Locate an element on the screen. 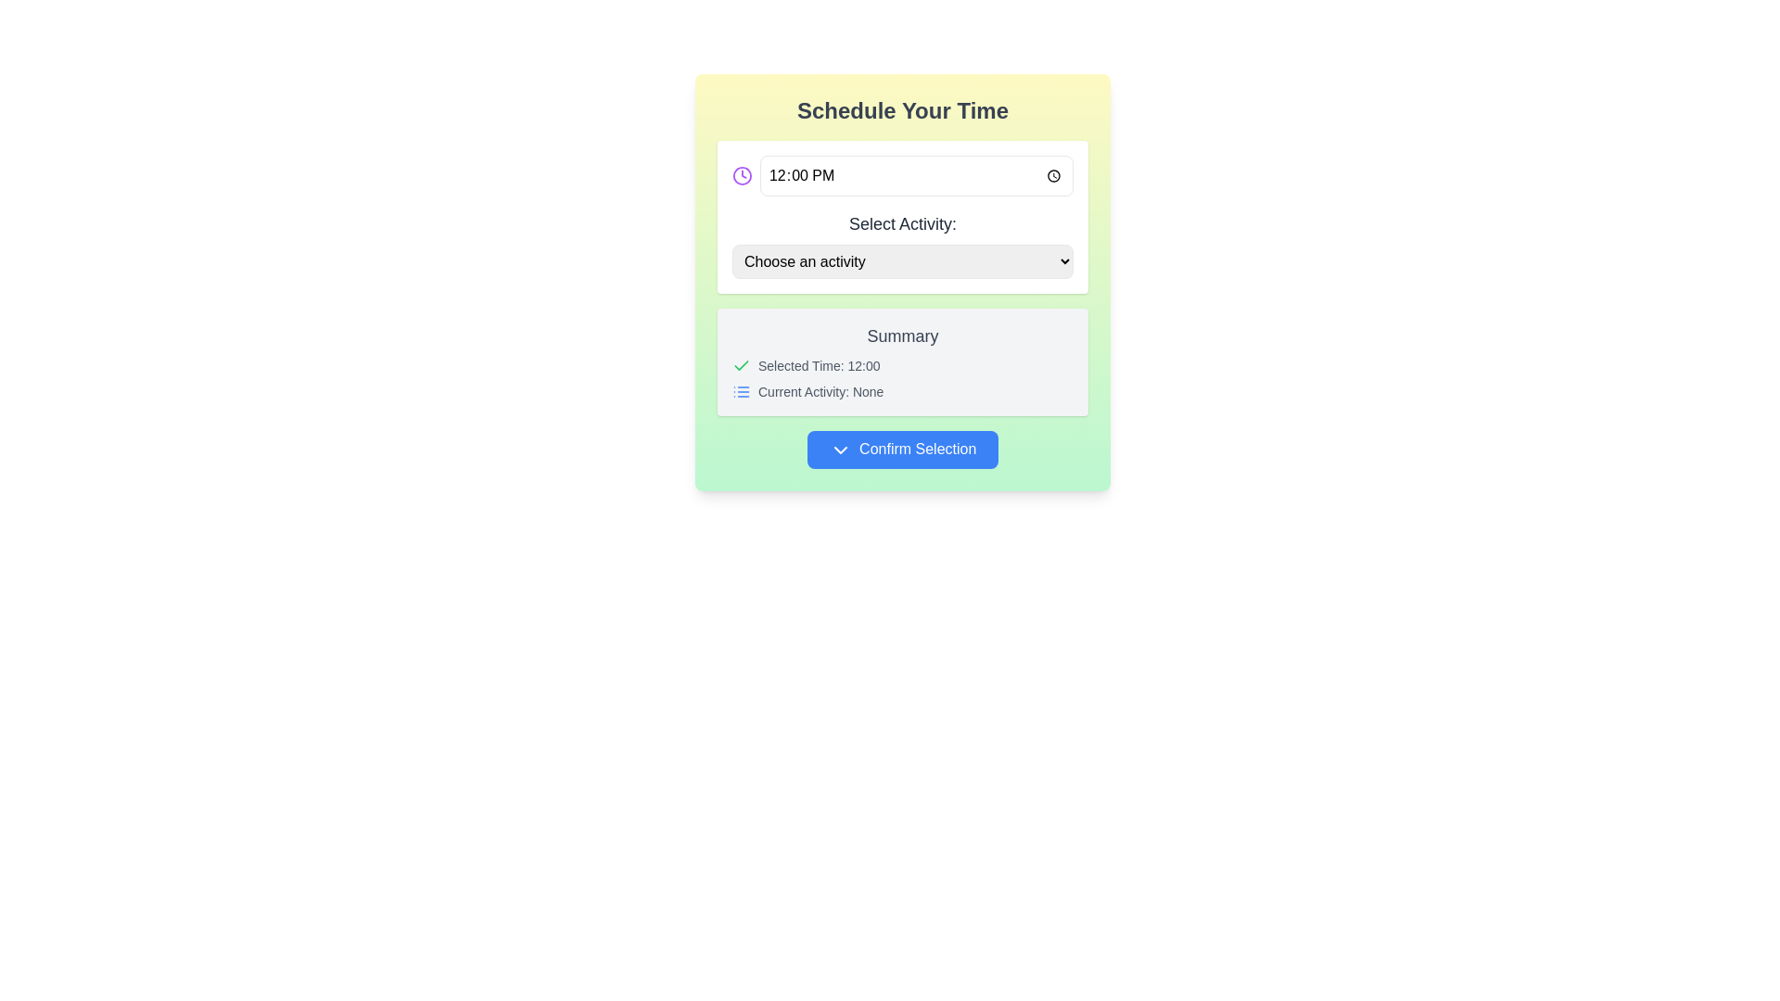 The image size is (1780, 1001). the blue list icon located in the summary section, positioned to the left of the text 'Current Activity: None.' is located at coordinates (742, 391).